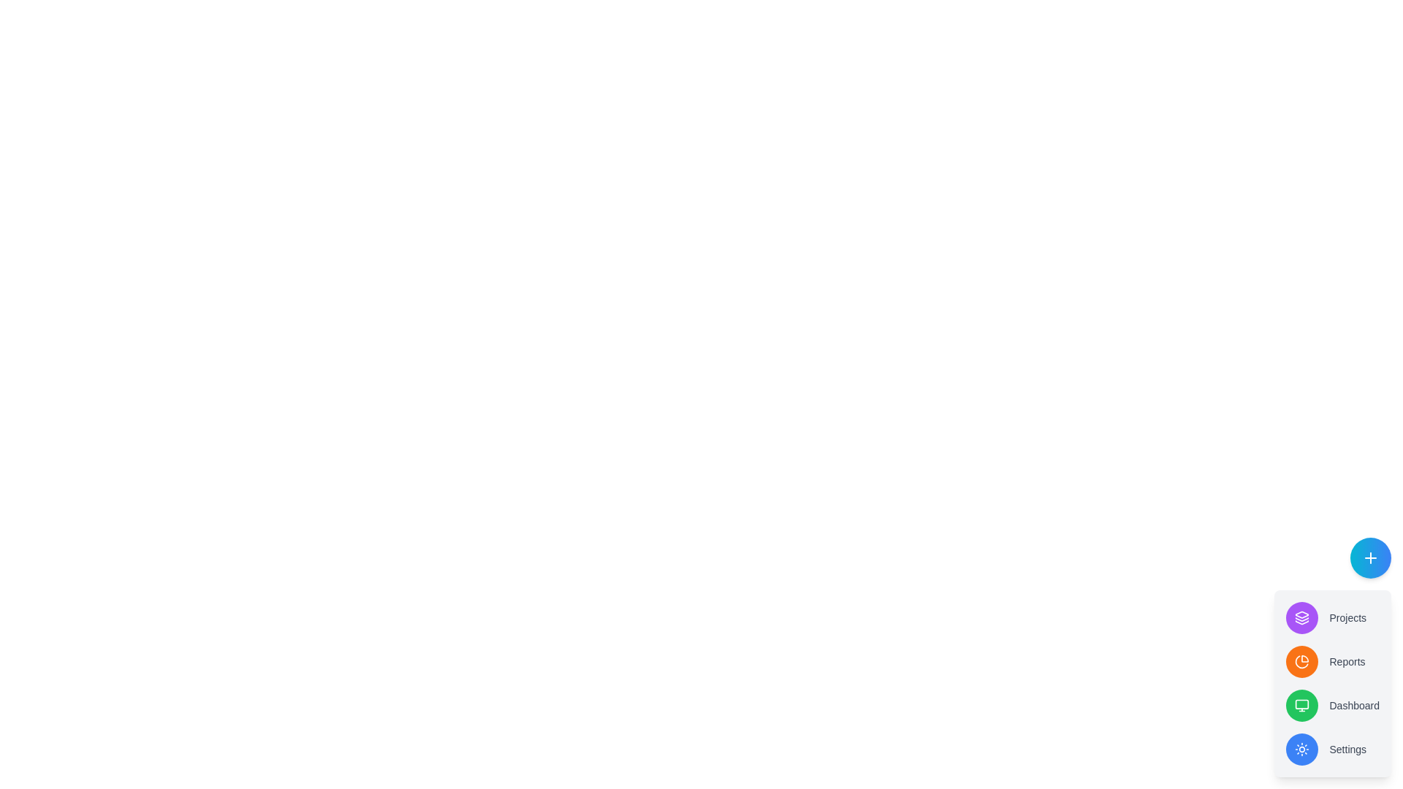 The image size is (1403, 789). What do you see at coordinates (1332, 617) in the screenshot?
I see `the purple circular icon with a white graphic of layered squares on the left side of the 'Projects' label in the Navigation Menu` at bounding box center [1332, 617].